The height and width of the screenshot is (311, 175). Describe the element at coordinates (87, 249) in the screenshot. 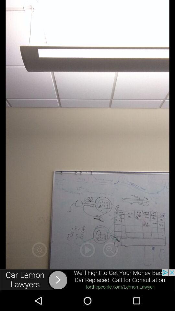

I see `play` at that location.